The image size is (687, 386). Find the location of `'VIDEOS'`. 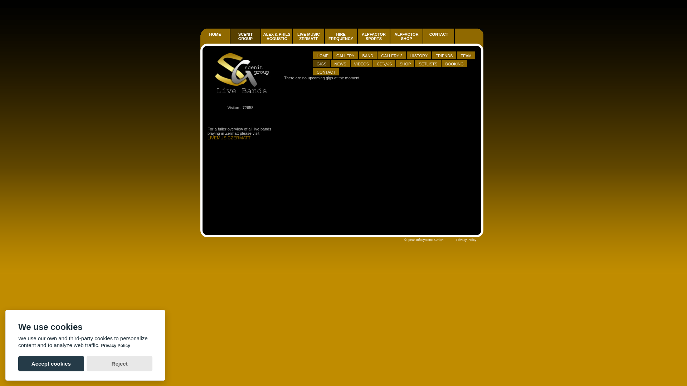

'VIDEOS' is located at coordinates (362, 63).